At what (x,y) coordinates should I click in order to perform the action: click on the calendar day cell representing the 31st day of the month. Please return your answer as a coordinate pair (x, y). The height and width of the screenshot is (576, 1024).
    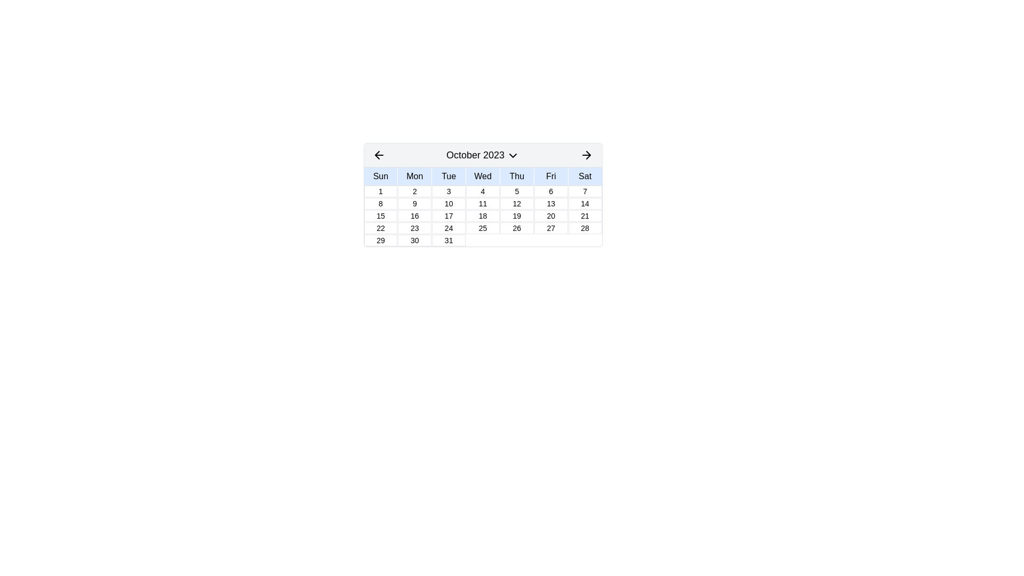
    Looking at the image, I should click on (449, 241).